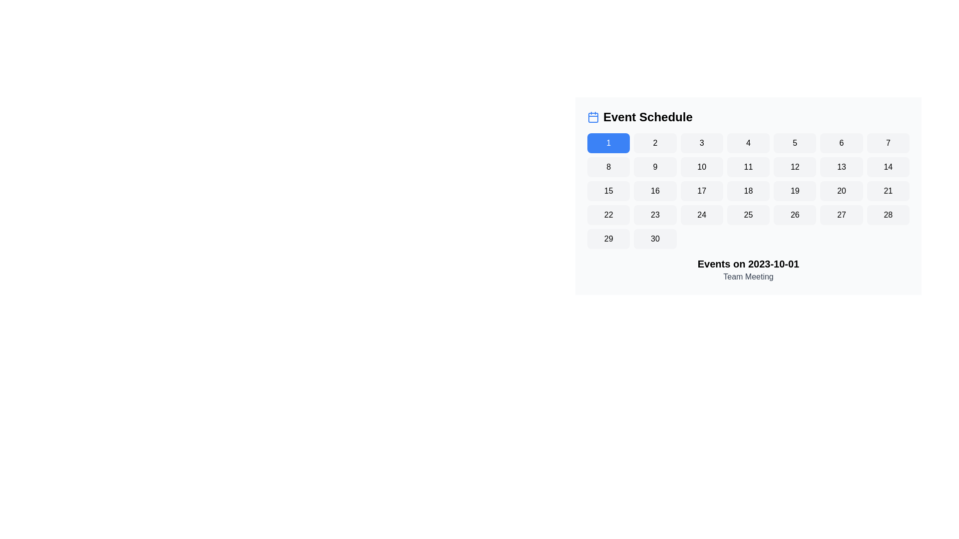  What do you see at coordinates (655, 191) in the screenshot?
I see `the selectable date button representing the number 16 in the calendar interface` at bounding box center [655, 191].